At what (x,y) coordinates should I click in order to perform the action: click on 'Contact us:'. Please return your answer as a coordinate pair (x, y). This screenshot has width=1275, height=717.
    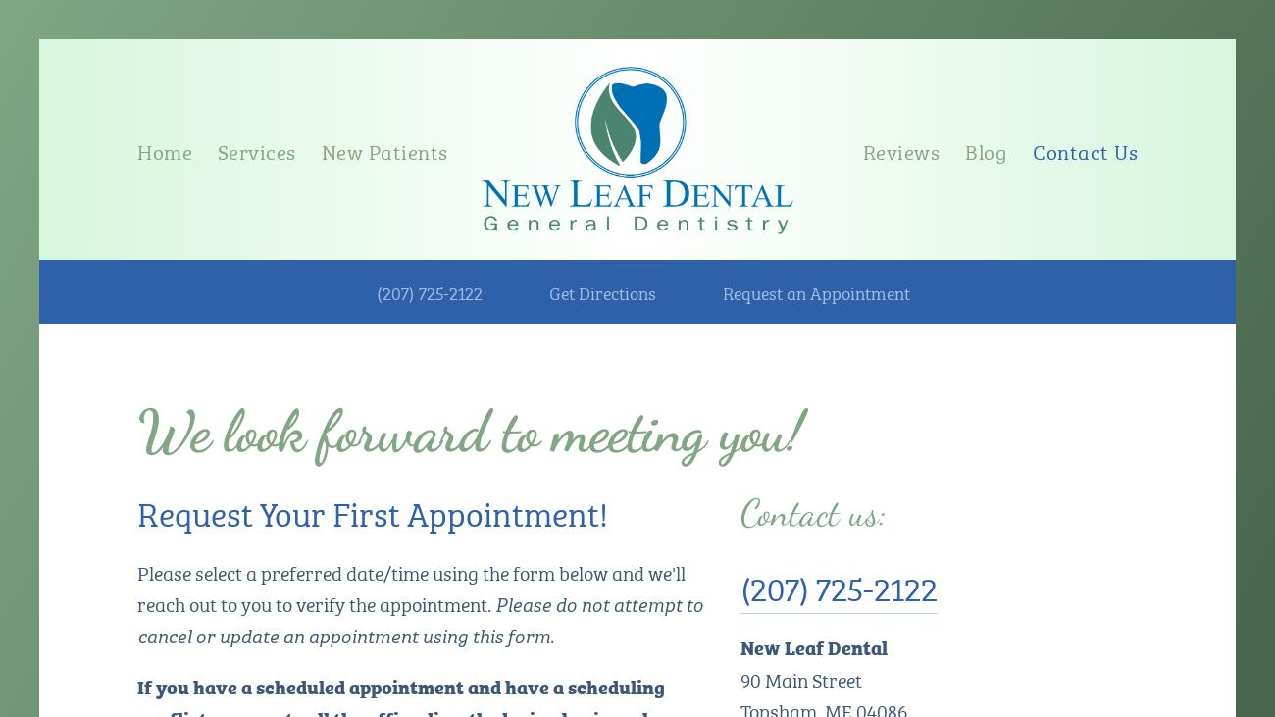
    Looking at the image, I should click on (812, 512).